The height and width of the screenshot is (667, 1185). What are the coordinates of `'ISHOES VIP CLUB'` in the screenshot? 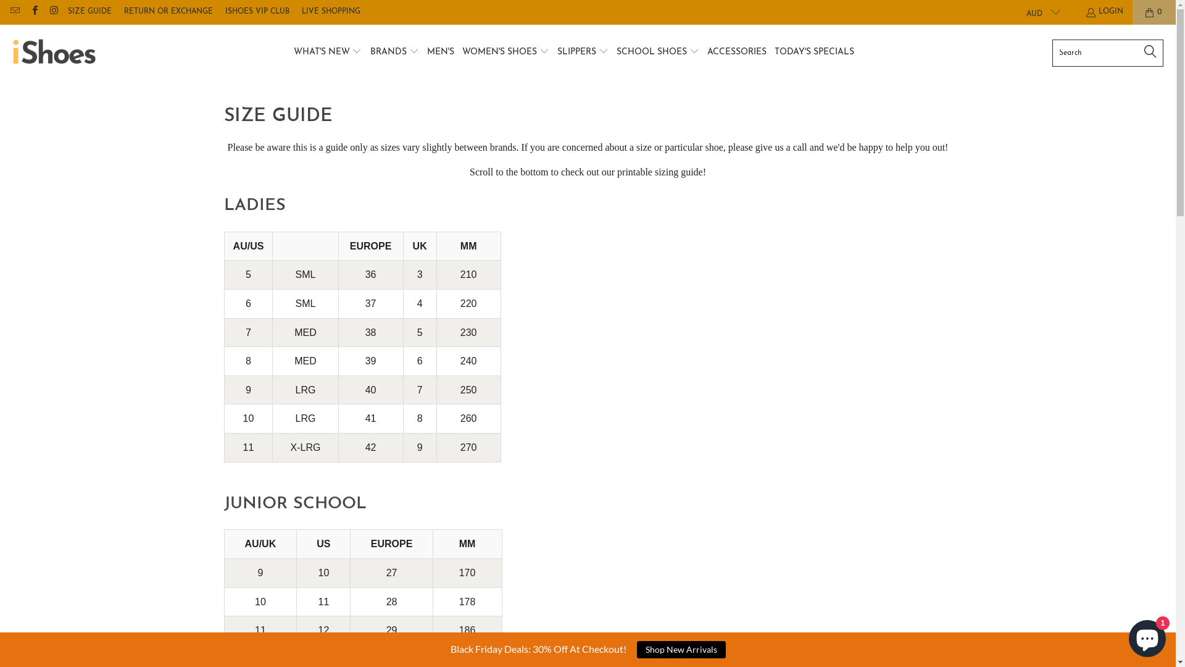 It's located at (257, 12).